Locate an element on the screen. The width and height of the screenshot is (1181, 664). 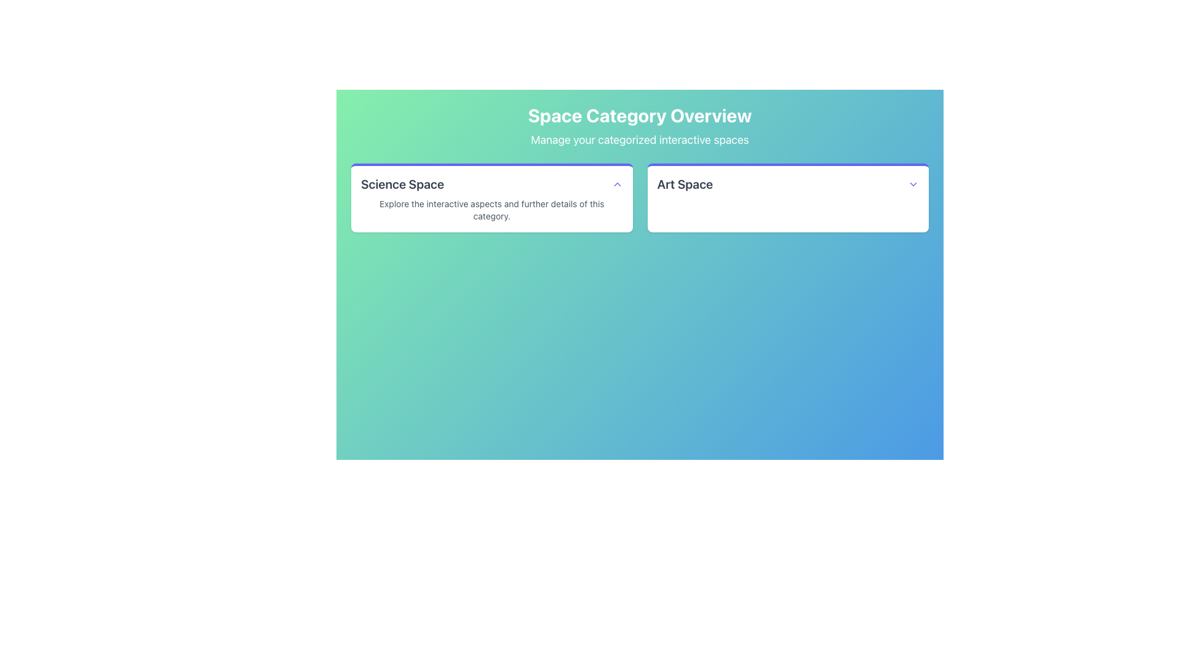
the main heading element that serves as the title for the interface, located at the top of the interface, below the gradient background is located at coordinates (640, 116).